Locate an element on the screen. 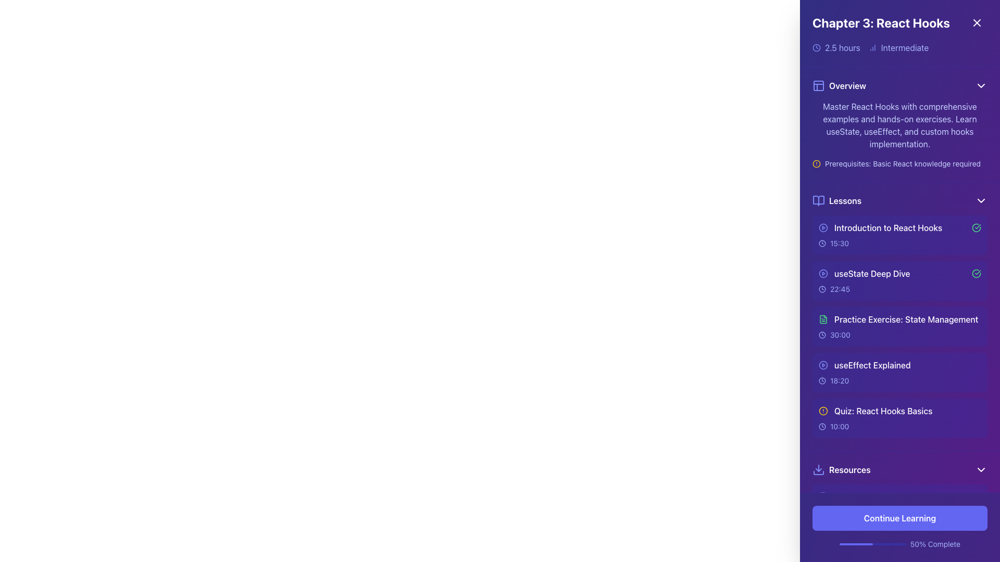 The image size is (1000, 562). the clock icon, which features a circular design with a clock-face outline and indigo-colored stroke, positioned to the left of the text '2.5 hours' is located at coordinates (816, 48).